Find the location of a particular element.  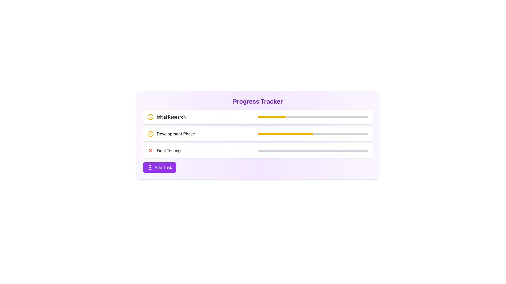

the yellow rectangular progress indicator located under the 'Initial Research' section of the progress tracker interface is located at coordinates (271, 116).